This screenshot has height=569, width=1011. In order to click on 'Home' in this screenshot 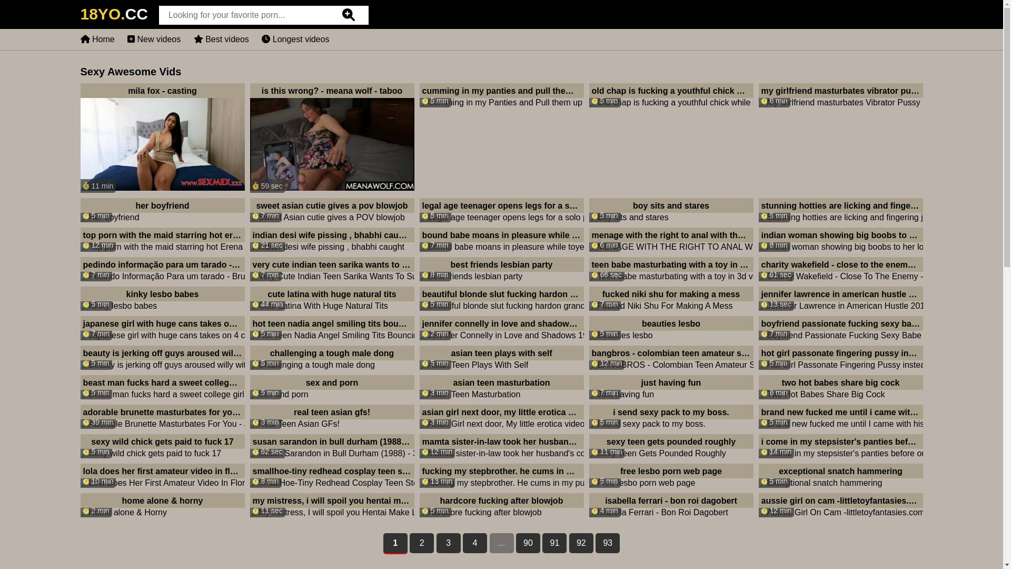, I will do `click(97, 38)`.